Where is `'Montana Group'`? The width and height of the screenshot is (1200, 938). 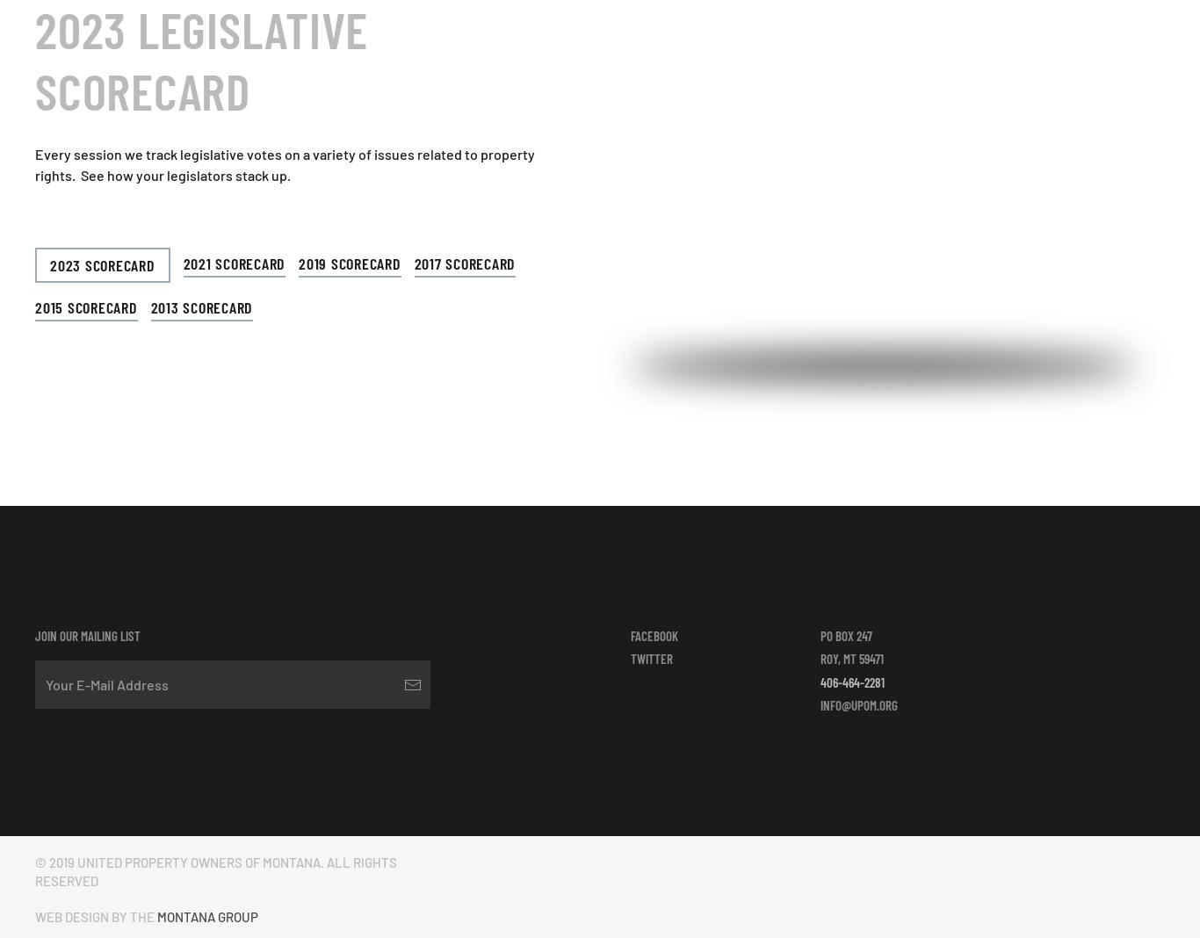 'Montana Group' is located at coordinates (155, 916).